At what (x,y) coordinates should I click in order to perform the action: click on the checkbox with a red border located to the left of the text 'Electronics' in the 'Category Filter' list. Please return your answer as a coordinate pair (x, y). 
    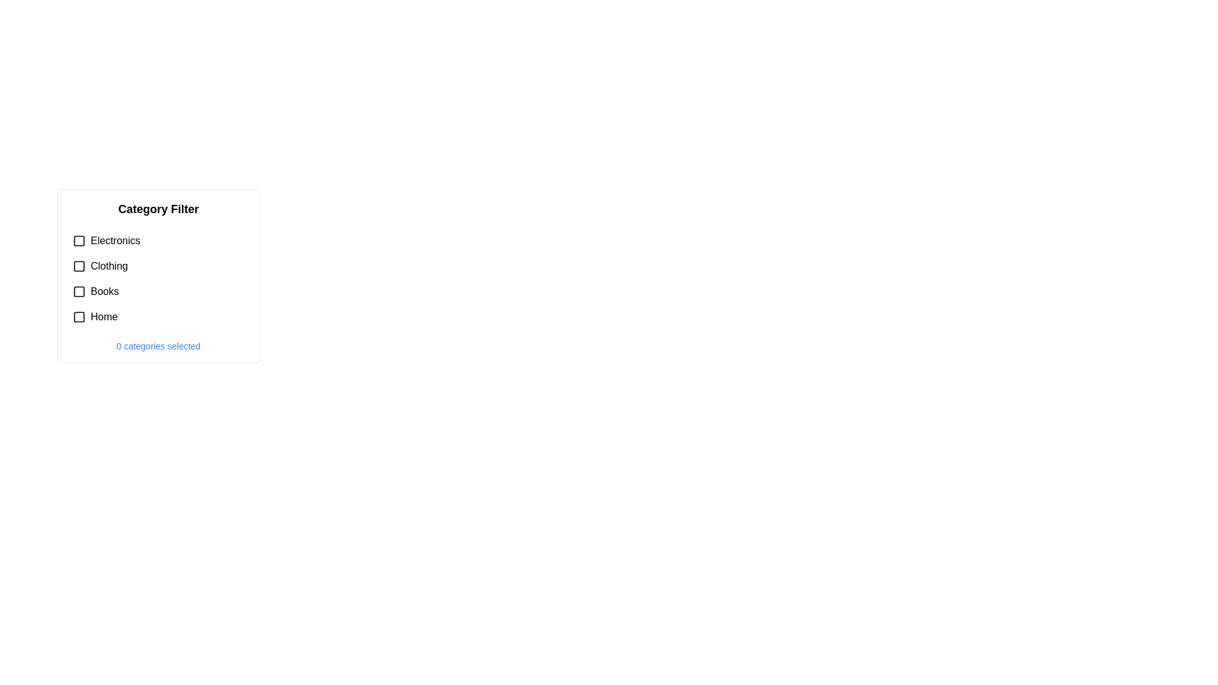
    Looking at the image, I should click on (78, 241).